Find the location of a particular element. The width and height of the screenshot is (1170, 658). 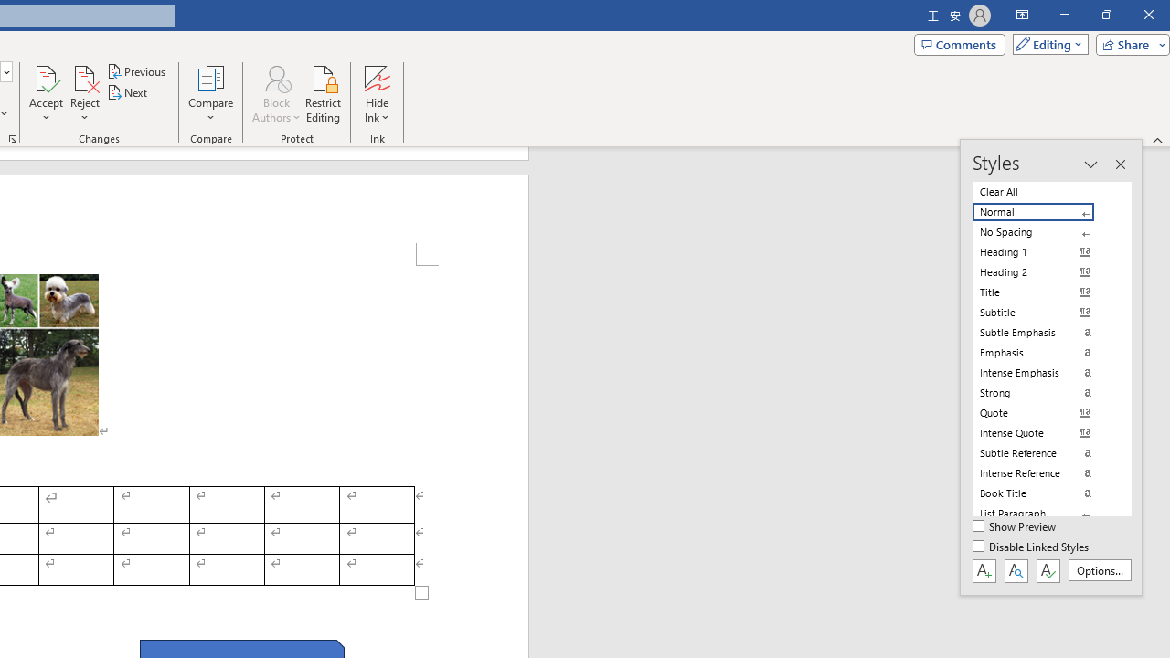

'Accept and Move to Next' is located at coordinates (46, 77).